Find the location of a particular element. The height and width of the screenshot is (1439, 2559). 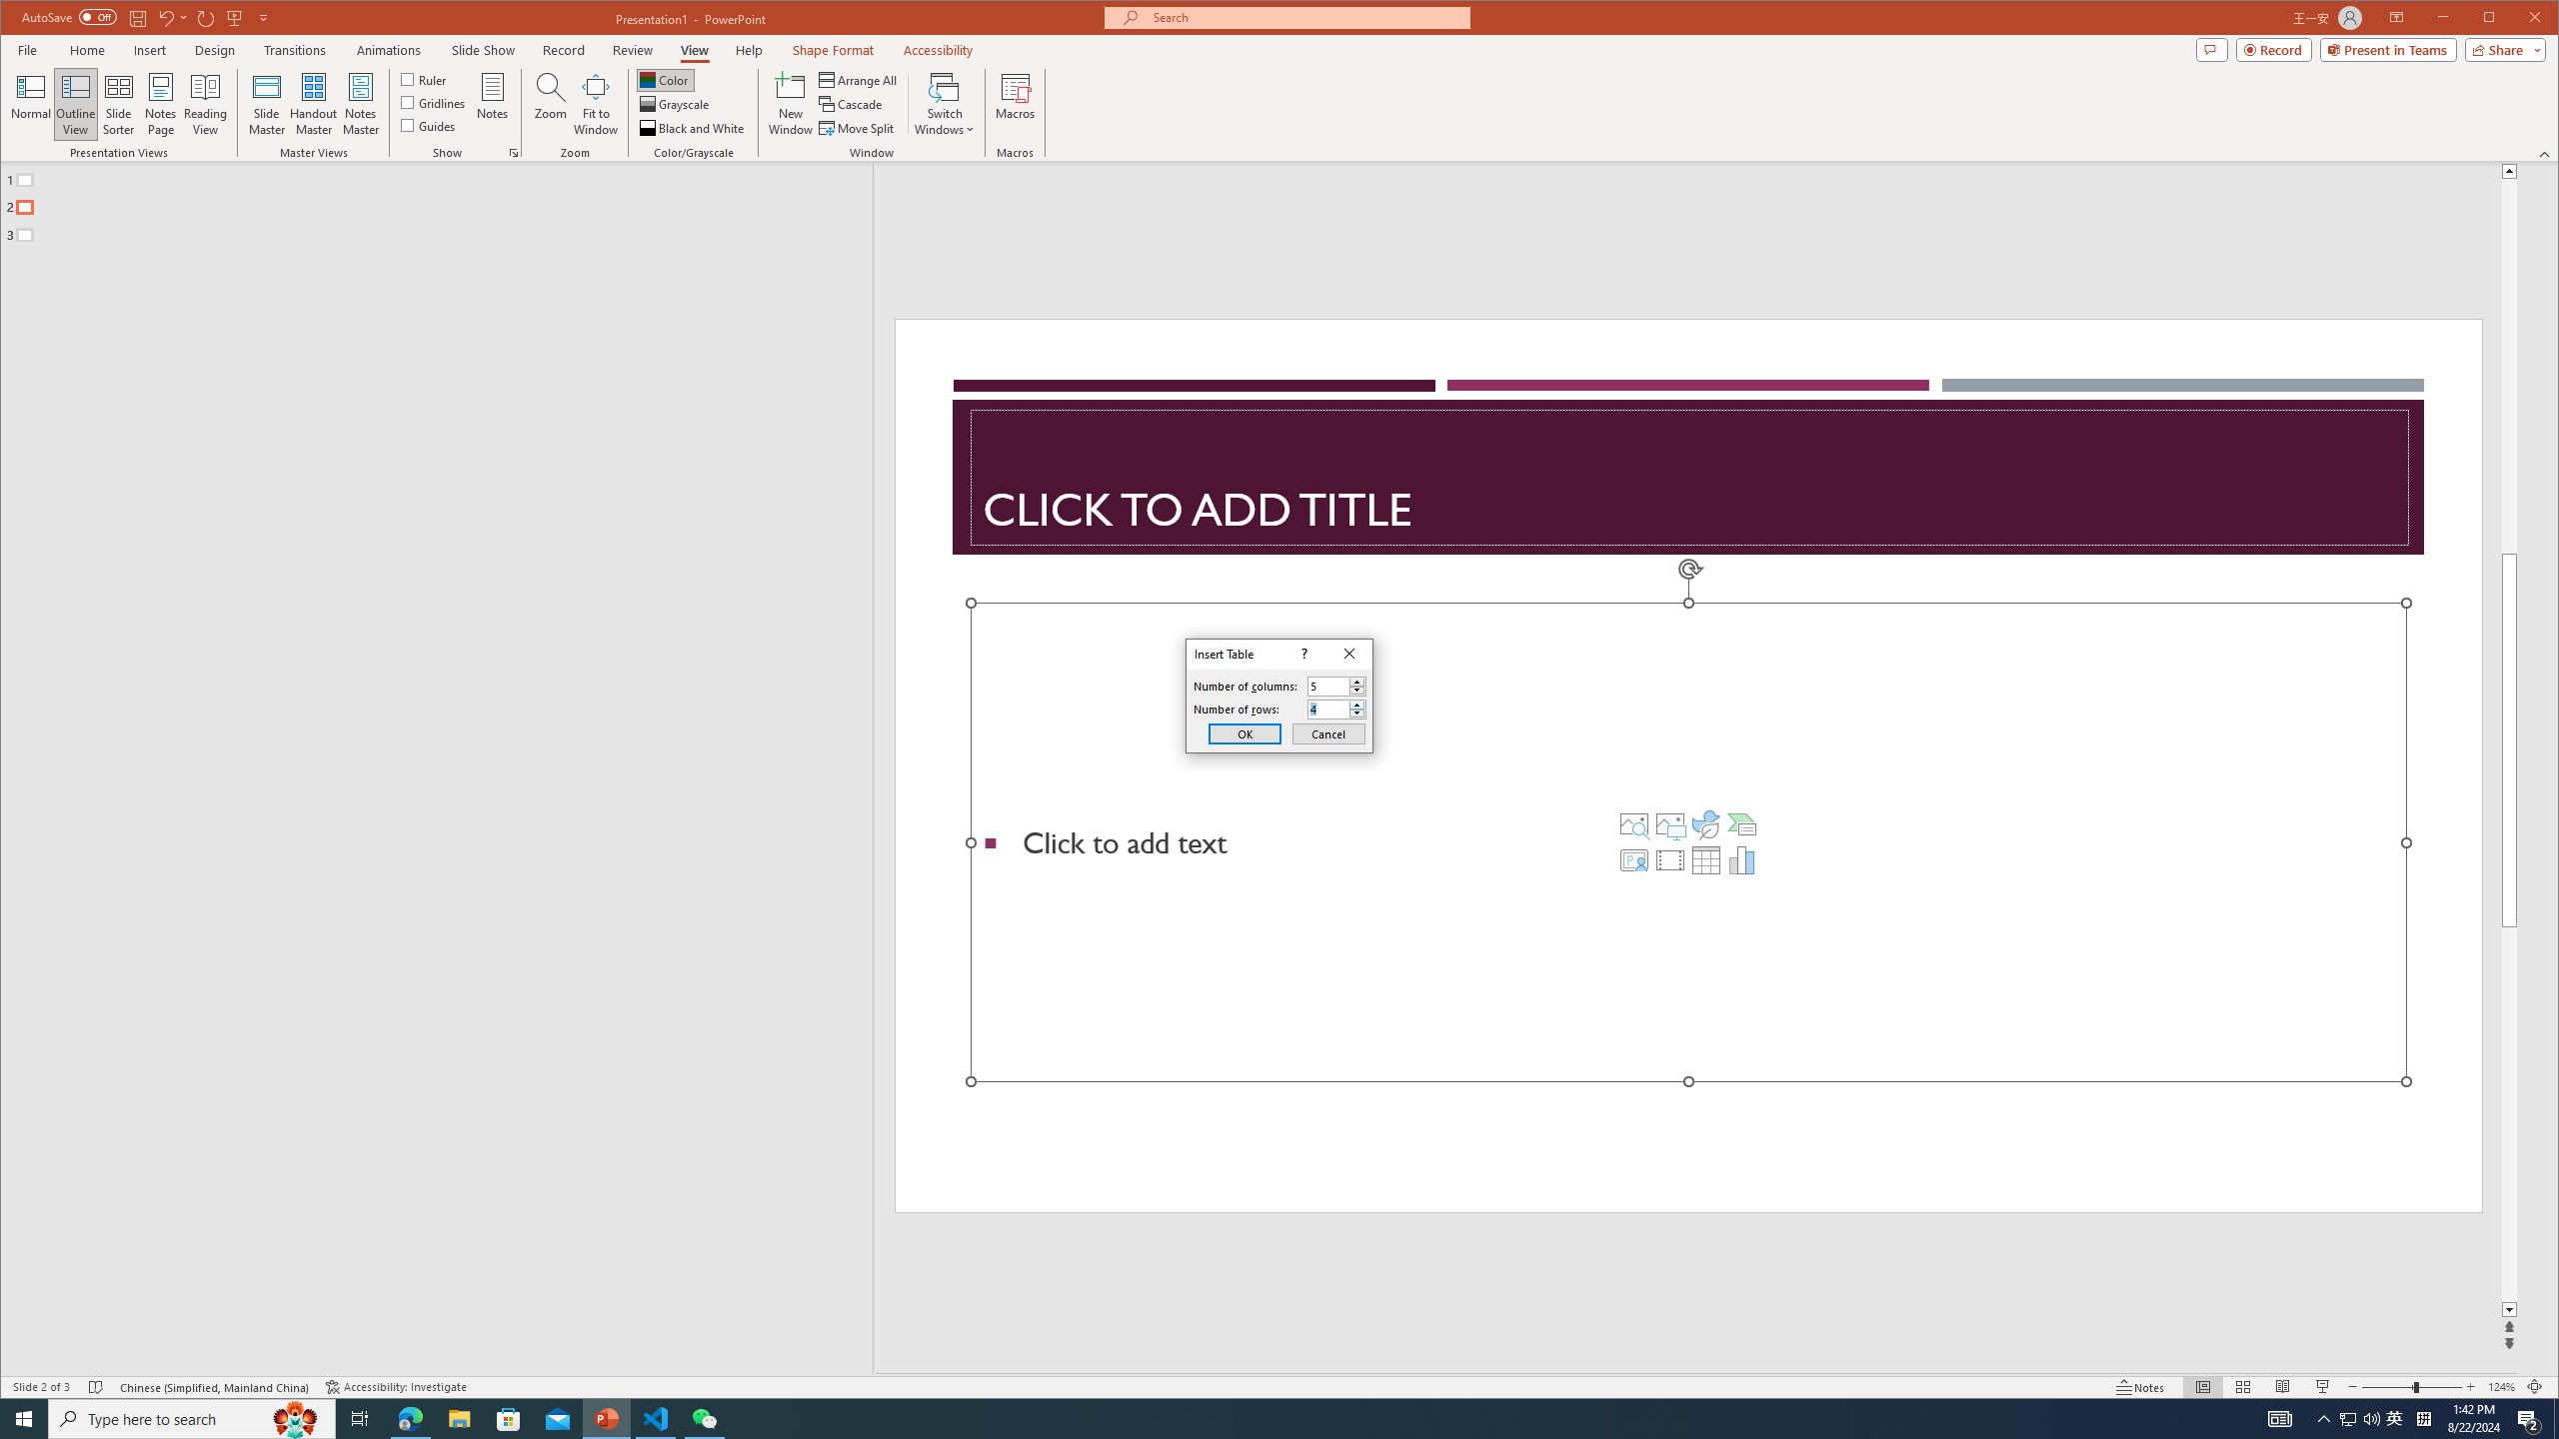

'Notes Master' is located at coordinates (359, 103).